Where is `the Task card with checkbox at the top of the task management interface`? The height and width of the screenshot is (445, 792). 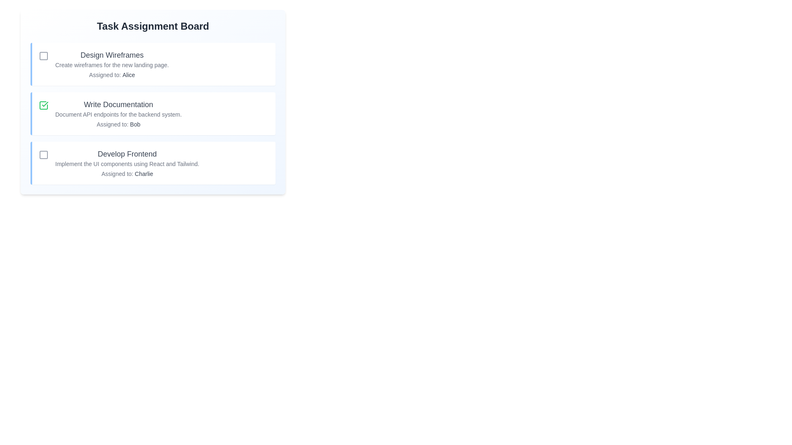
the Task card with checkbox at the top of the task management interface is located at coordinates (154, 63).